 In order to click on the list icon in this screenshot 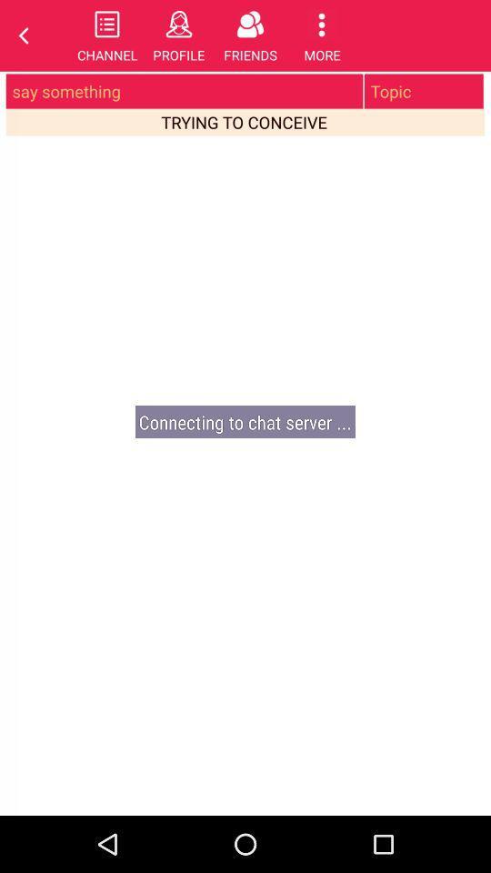, I will do `click(106, 25)`.